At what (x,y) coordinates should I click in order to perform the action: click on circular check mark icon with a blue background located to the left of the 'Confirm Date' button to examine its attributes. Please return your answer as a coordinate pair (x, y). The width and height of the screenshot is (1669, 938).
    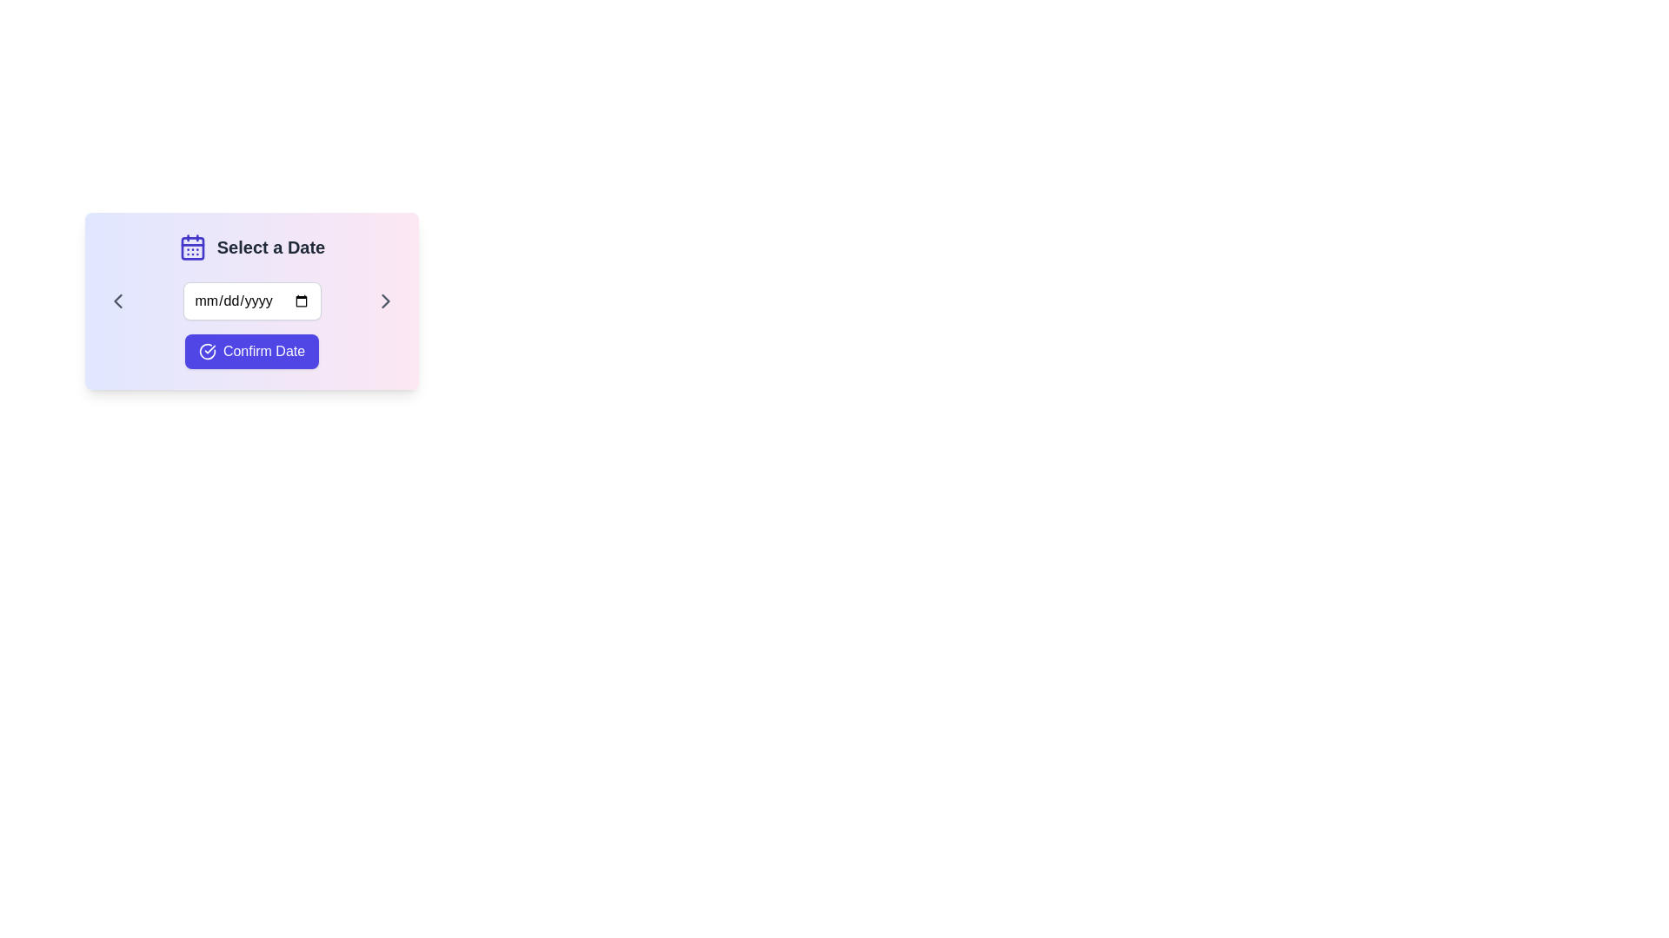
    Looking at the image, I should click on (207, 352).